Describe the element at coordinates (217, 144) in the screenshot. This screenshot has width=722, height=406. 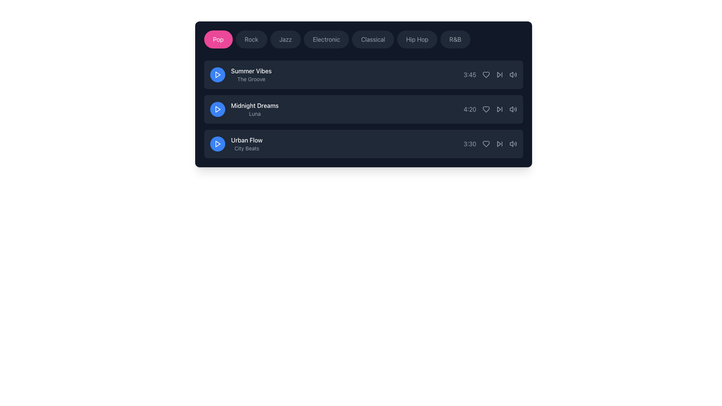
I see `the circular blue button with a white play icon to play the song 'Urban Flow'` at that location.